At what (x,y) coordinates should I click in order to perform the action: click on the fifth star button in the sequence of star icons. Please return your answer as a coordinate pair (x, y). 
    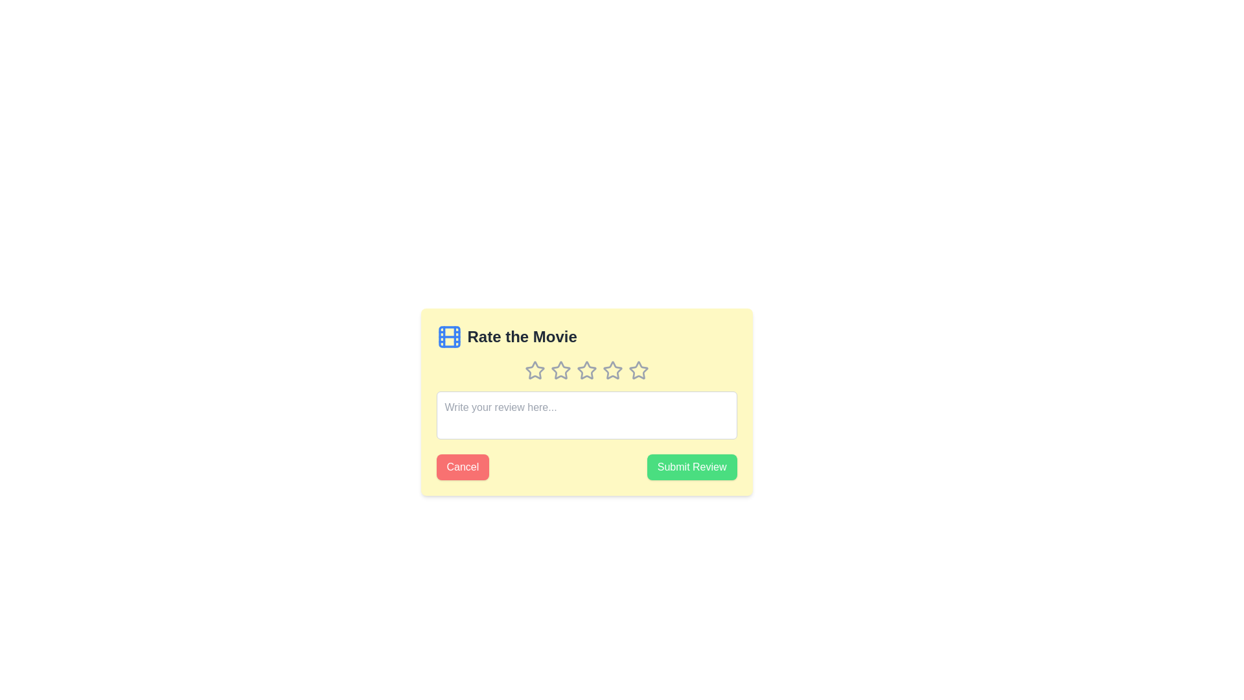
    Looking at the image, I should click on (638, 370).